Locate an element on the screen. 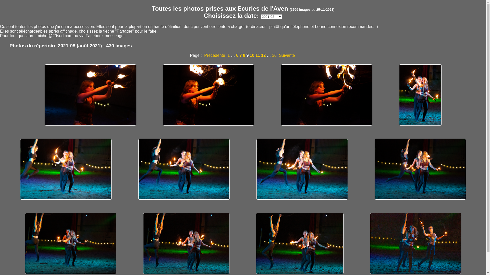  '36' is located at coordinates (274, 55).